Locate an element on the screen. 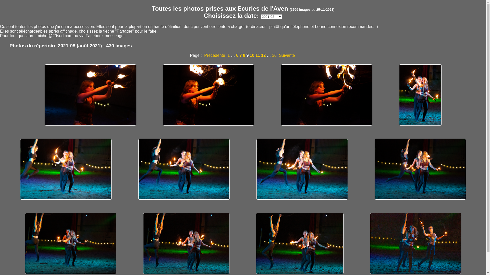  '36' is located at coordinates (274, 55).